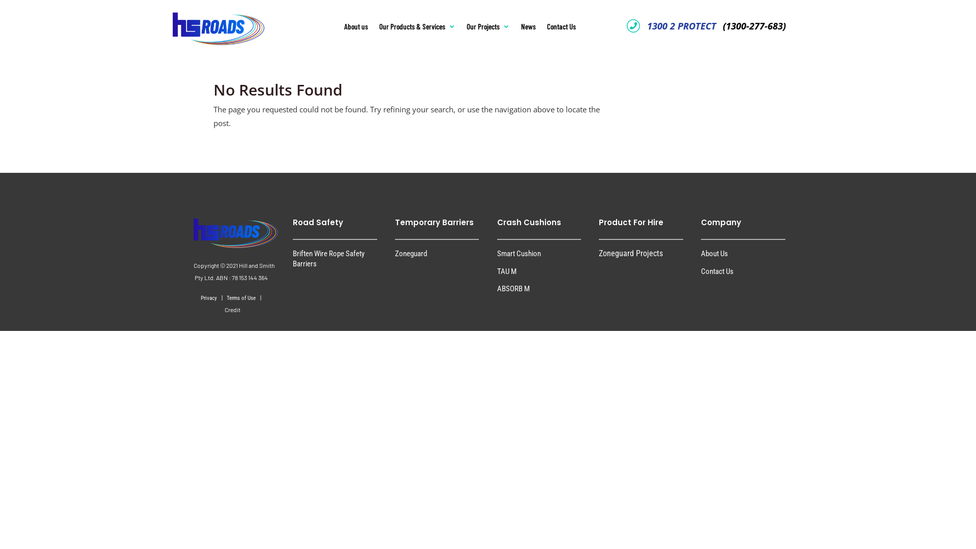 Image resolution: width=976 pixels, height=549 pixels. I want to click on 'Our Products & Services', so click(417, 28).